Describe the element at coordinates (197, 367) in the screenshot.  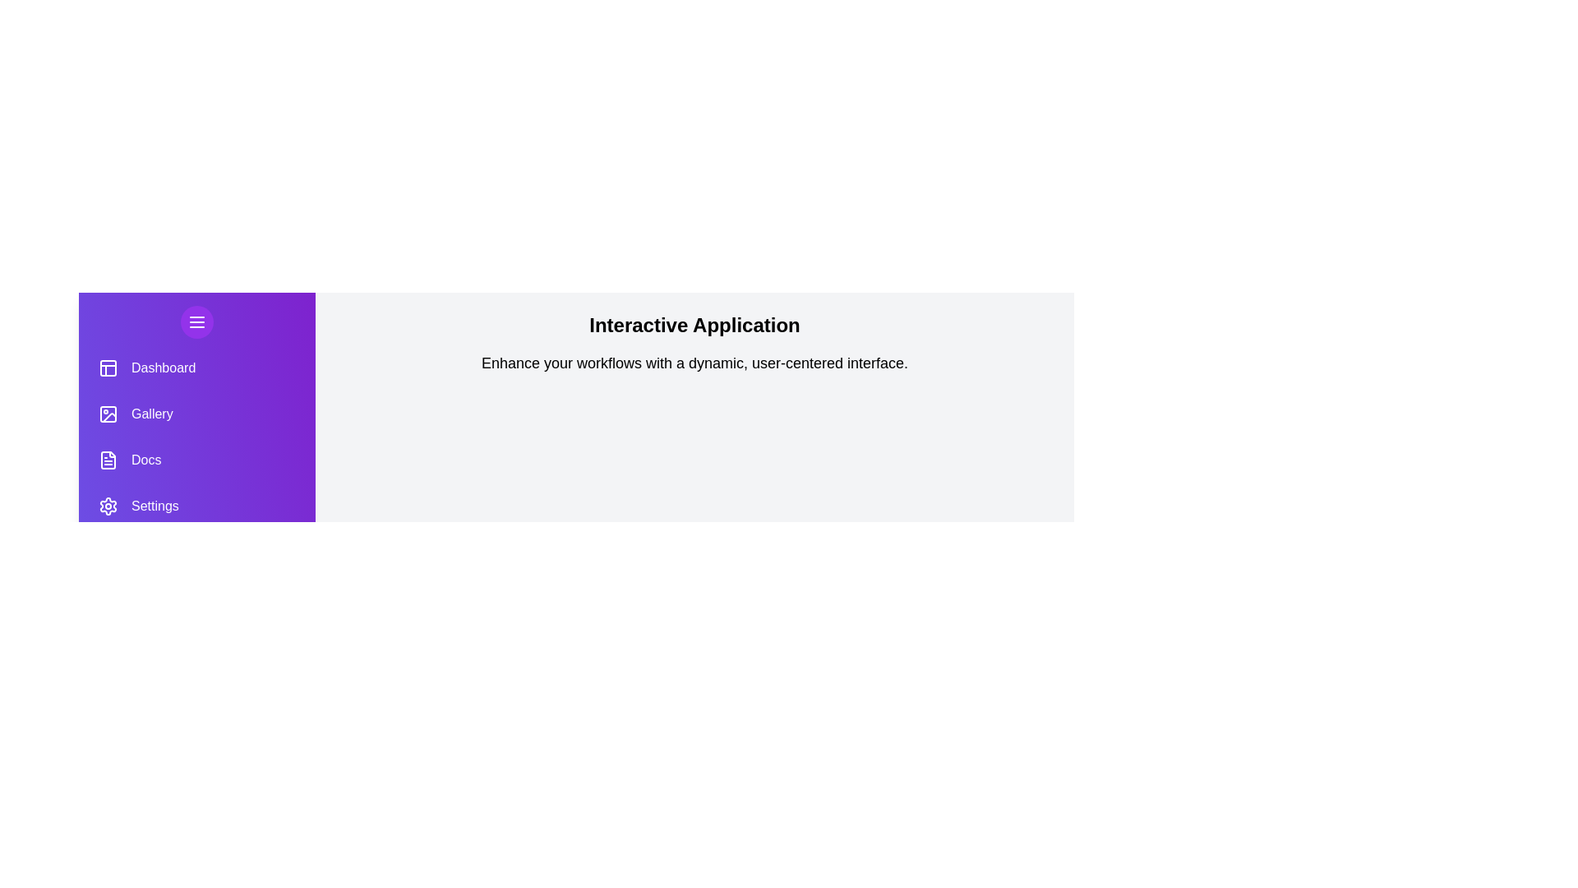
I see `the Dashboard menu item to navigate to the respective section` at that location.